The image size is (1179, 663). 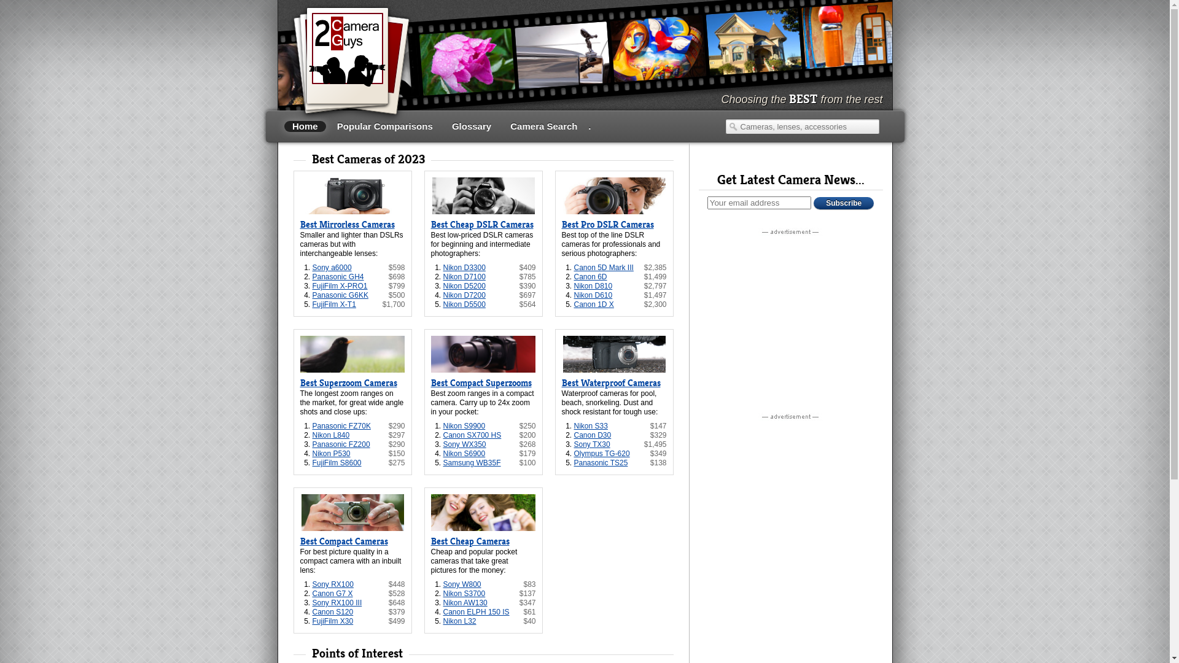 What do you see at coordinates (300, 541) in the screenshot?
I see `'Best Compact Cameras'` at bounding box center [300, 541].